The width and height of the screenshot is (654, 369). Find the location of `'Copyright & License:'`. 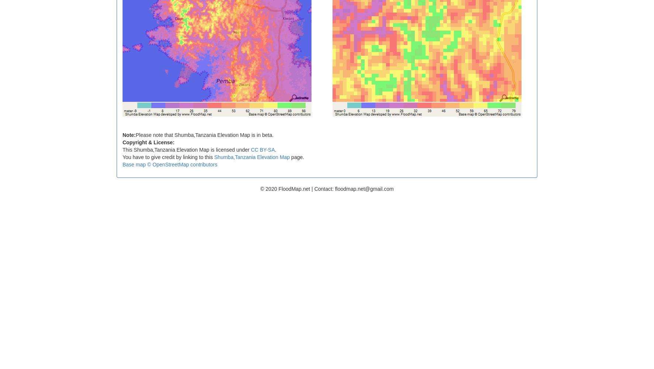

'Copyright & License:' is located at coordinates (122, 142).